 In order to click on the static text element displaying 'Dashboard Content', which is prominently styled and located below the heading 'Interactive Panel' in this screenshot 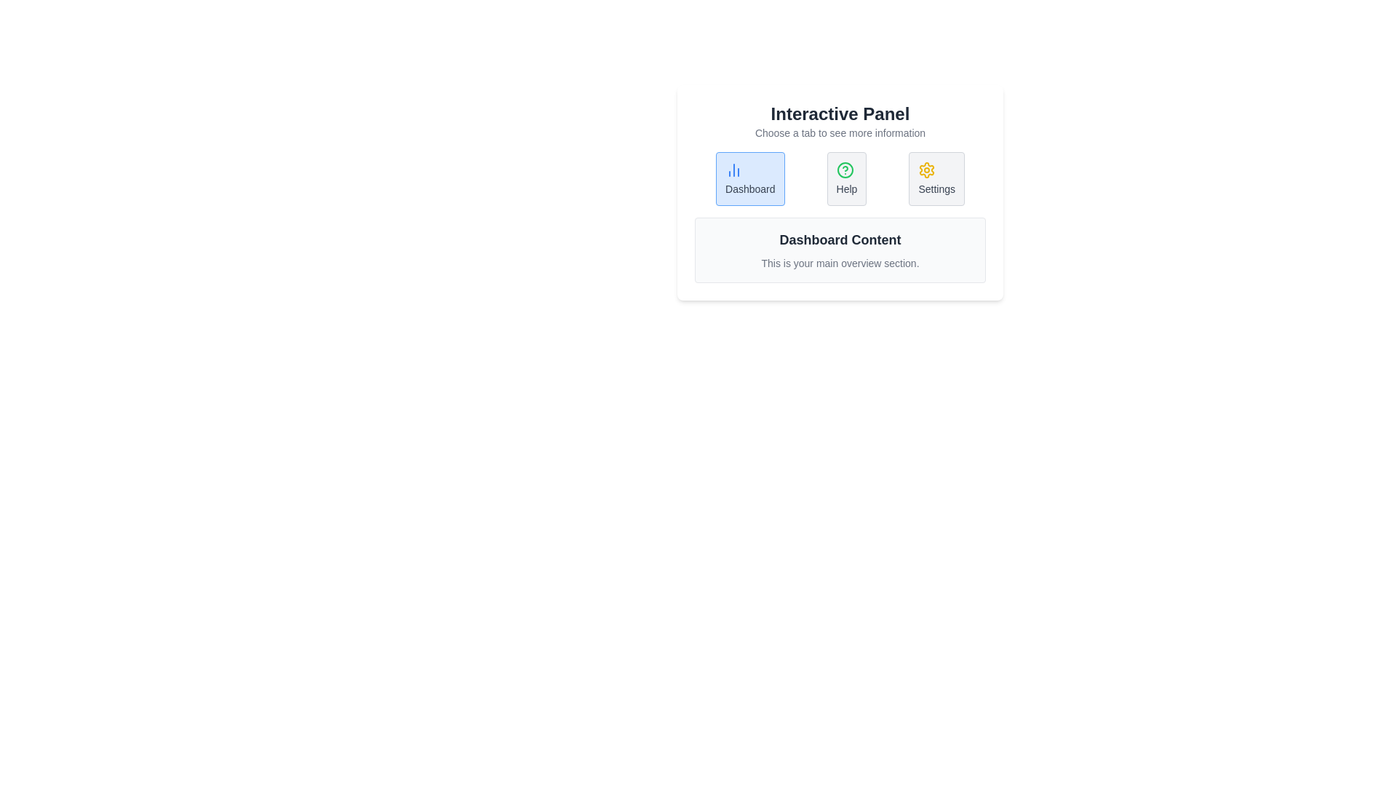, I will do `click(840, 239)`.